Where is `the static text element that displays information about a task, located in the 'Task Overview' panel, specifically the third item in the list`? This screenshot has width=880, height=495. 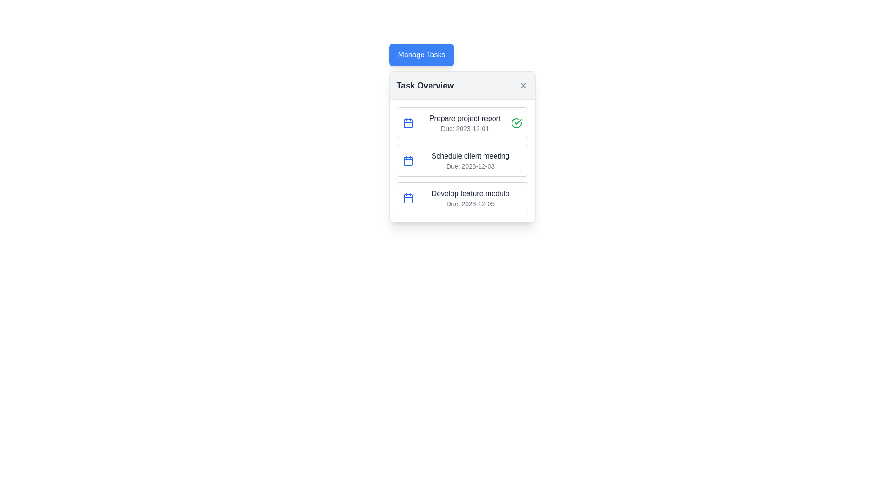 the static text element that displays information about a task, located in the 'Task Overview' panel, specifically the third item in the list is located at coordinates (470, 198).